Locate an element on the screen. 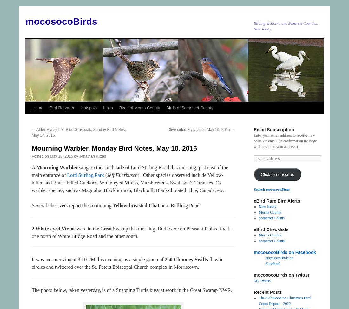 The image size is (349, 309). 'by' is located at coordinates (76, 156).